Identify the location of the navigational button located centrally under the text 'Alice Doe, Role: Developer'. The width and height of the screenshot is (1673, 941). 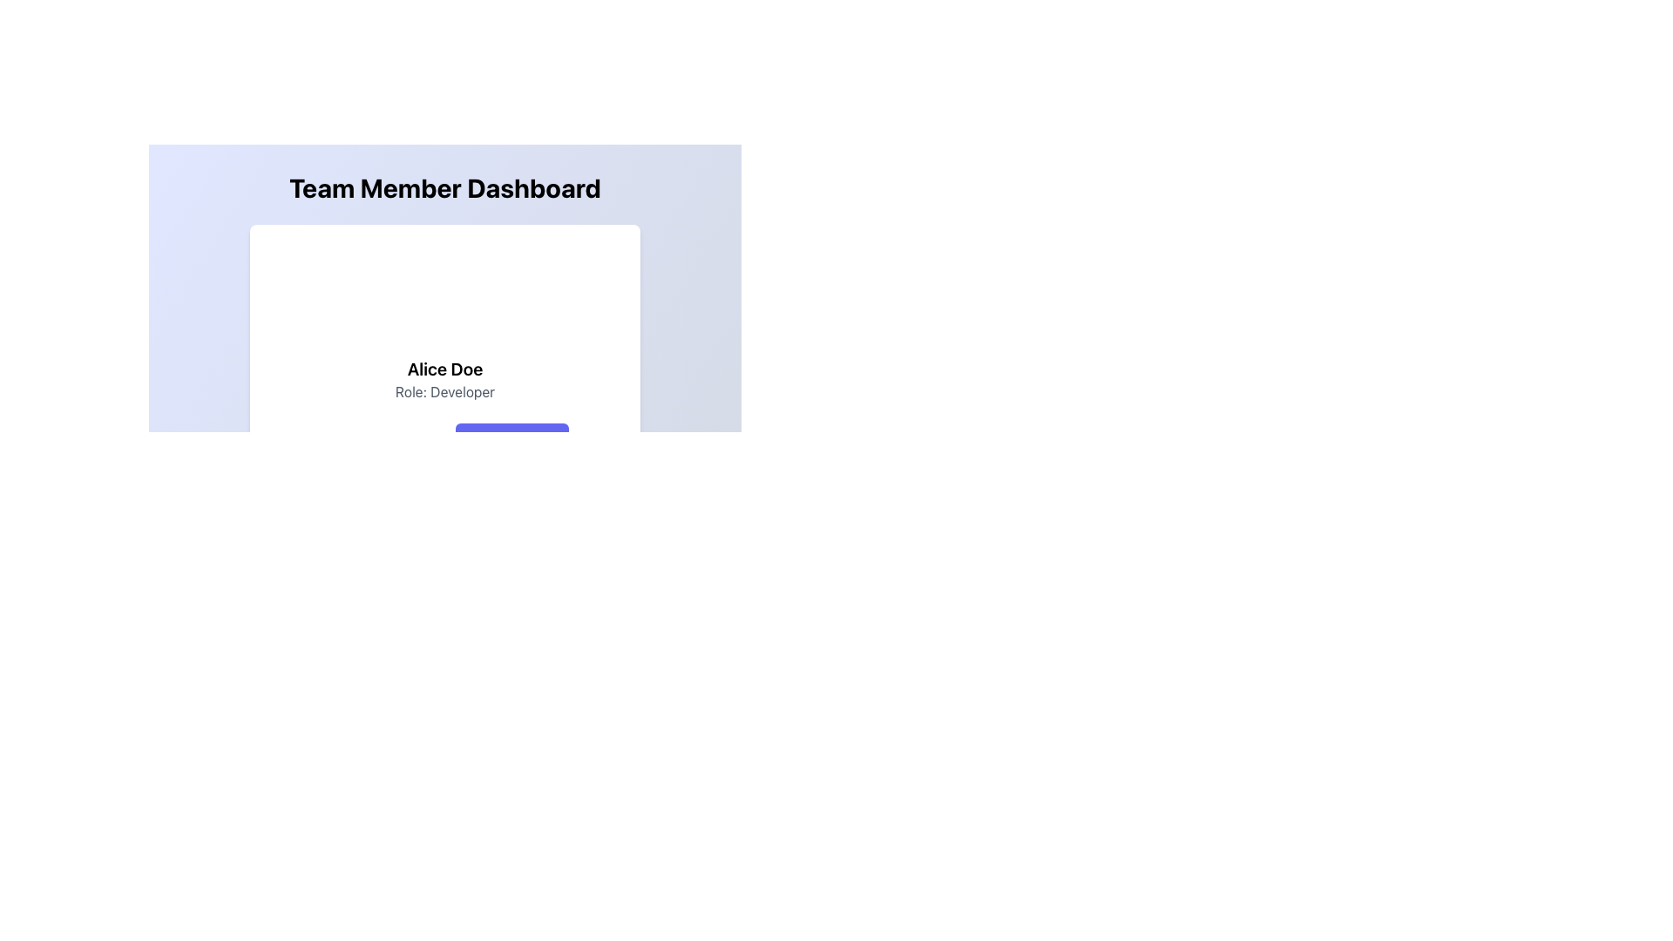
(511, 439).